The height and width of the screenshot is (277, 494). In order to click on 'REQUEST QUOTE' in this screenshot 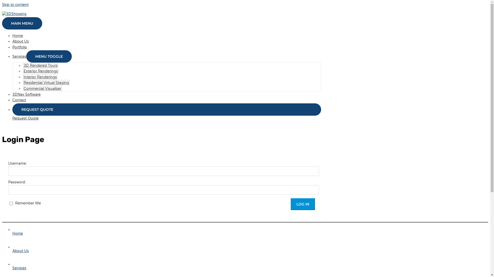, I will do `click(167, 112)`.